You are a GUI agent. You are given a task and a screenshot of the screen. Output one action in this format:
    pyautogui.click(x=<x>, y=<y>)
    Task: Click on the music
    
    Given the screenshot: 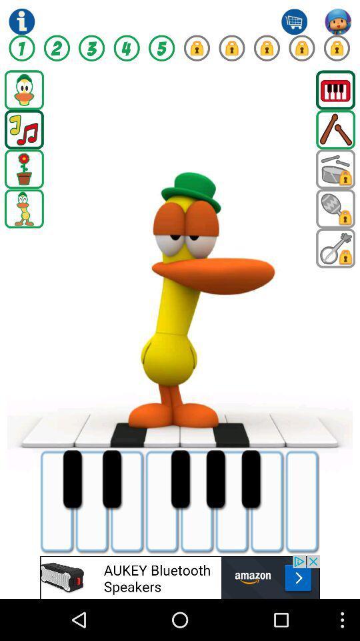 What is the action you would take?
    pyautogui.click(x=24, y=130)
    